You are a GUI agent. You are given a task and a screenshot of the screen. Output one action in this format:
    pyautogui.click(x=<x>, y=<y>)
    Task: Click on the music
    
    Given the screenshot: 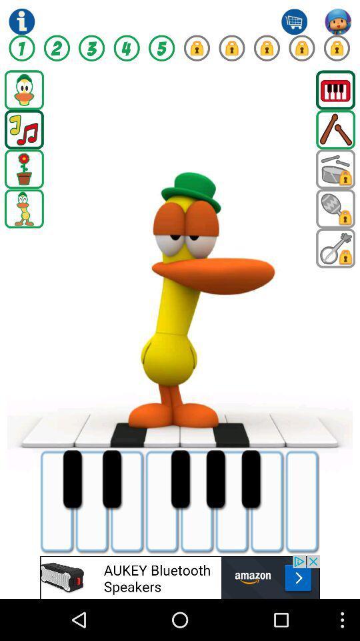 What is the action you would take?
    pyautogui.click(x=24, y=130)
    